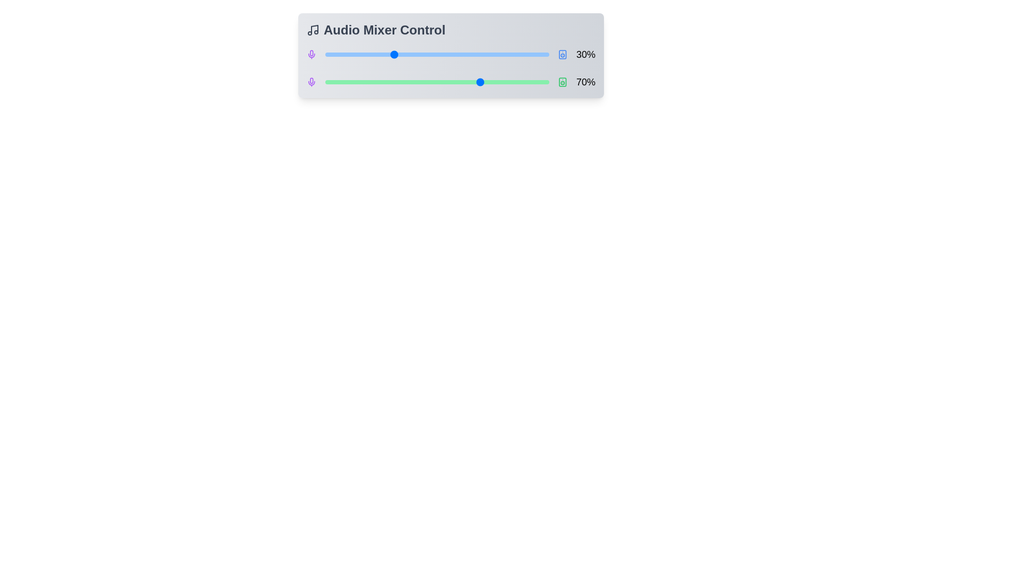 Image resolution: width=1019 pixels, height=573 pixels. What do you see at coordinates (311, 55) in the screenshot?
I see `the microphone icon, which serves as an audio control identifier and is positioned as the first icon on the left of a horizontal layout row, next to the blue slider bar marked at 30%` at bounding box center [311, 55].